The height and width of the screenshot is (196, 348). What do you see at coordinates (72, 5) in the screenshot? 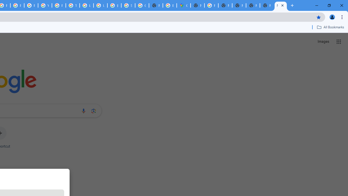
I see `'Tips & tricks for Chrome - Google Chrome Help'` at bounding box center [72, 5].